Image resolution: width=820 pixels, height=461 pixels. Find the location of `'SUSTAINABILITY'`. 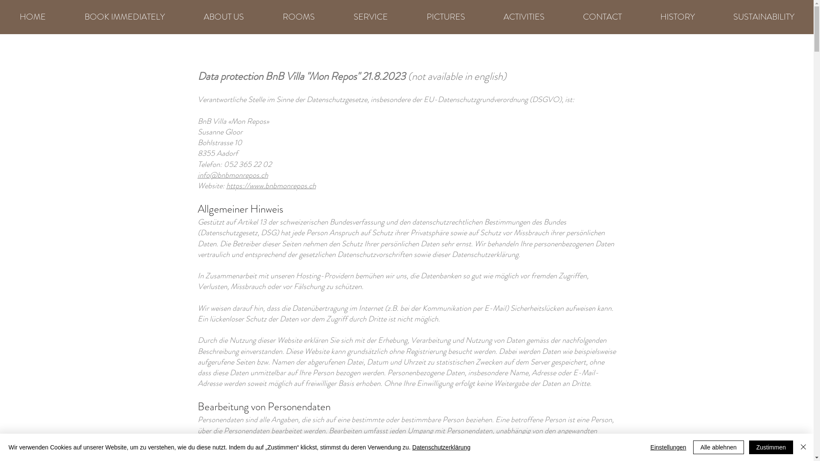

'SUSTAINABILITY' is located at coordinates (764, 17).